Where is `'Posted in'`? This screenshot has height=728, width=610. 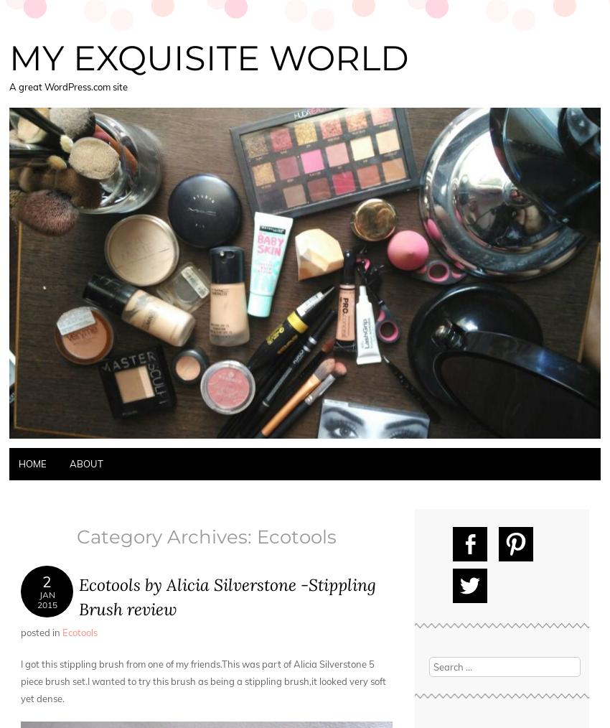 'Posted in' is located at coordinates (41, 631).